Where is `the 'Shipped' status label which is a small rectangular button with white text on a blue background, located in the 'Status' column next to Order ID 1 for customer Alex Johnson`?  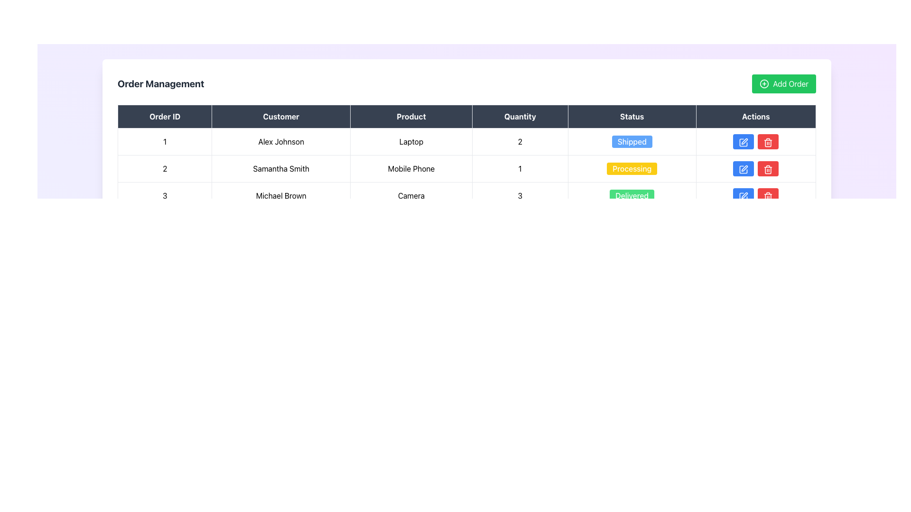 the 'Shipped' status label which is a small rectangular button with white text on a blue background, located in the 'Status' column next to Order ID 1 for customer Alex Johnson is located at coordinates (632, 142).